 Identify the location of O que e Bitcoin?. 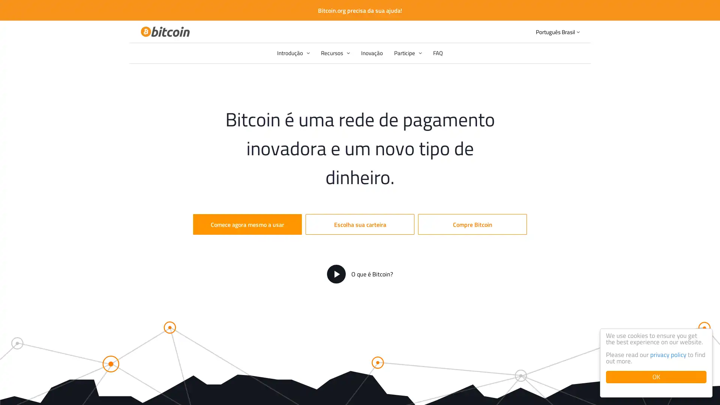
(360, 274).